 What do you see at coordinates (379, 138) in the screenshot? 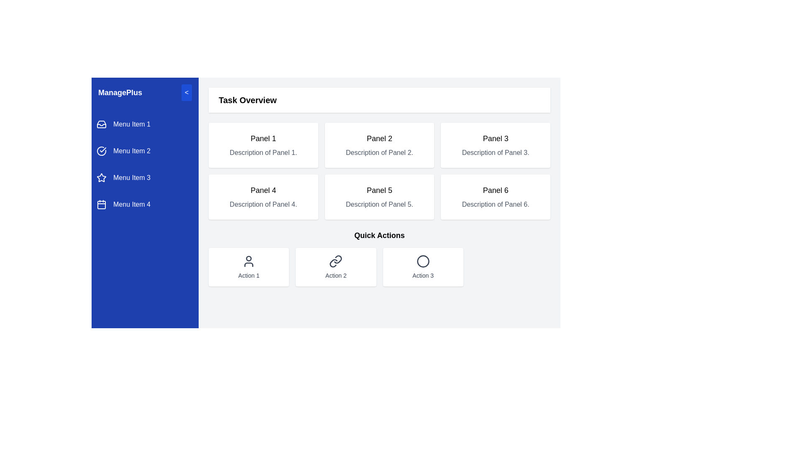
I see `the text label that serves as the title for 'Panel 2', which helps users identify the corresponding panel and its content` at bounding box center [379, 138].